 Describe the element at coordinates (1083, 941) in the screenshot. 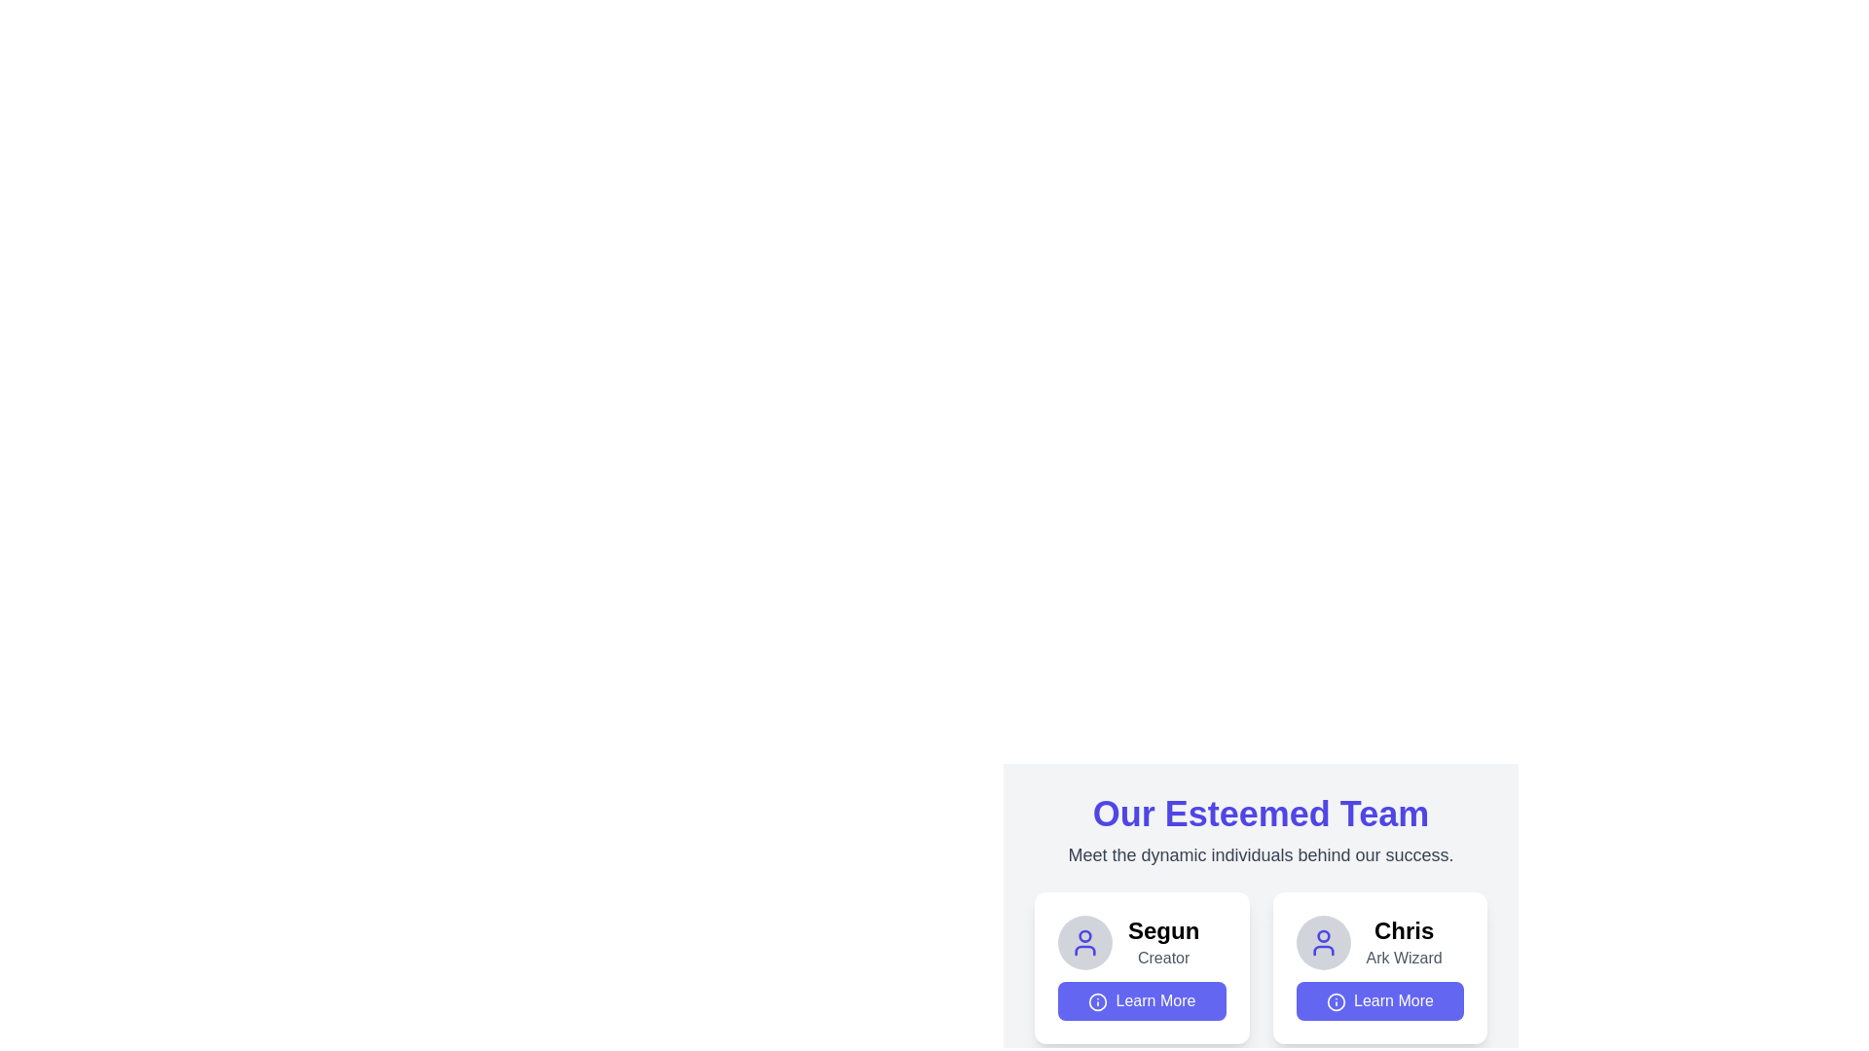

I see `the Avatar icon located at the top-center of the profile card titled 'Segun' in the 'Our Esteemed Team' section` at that location.